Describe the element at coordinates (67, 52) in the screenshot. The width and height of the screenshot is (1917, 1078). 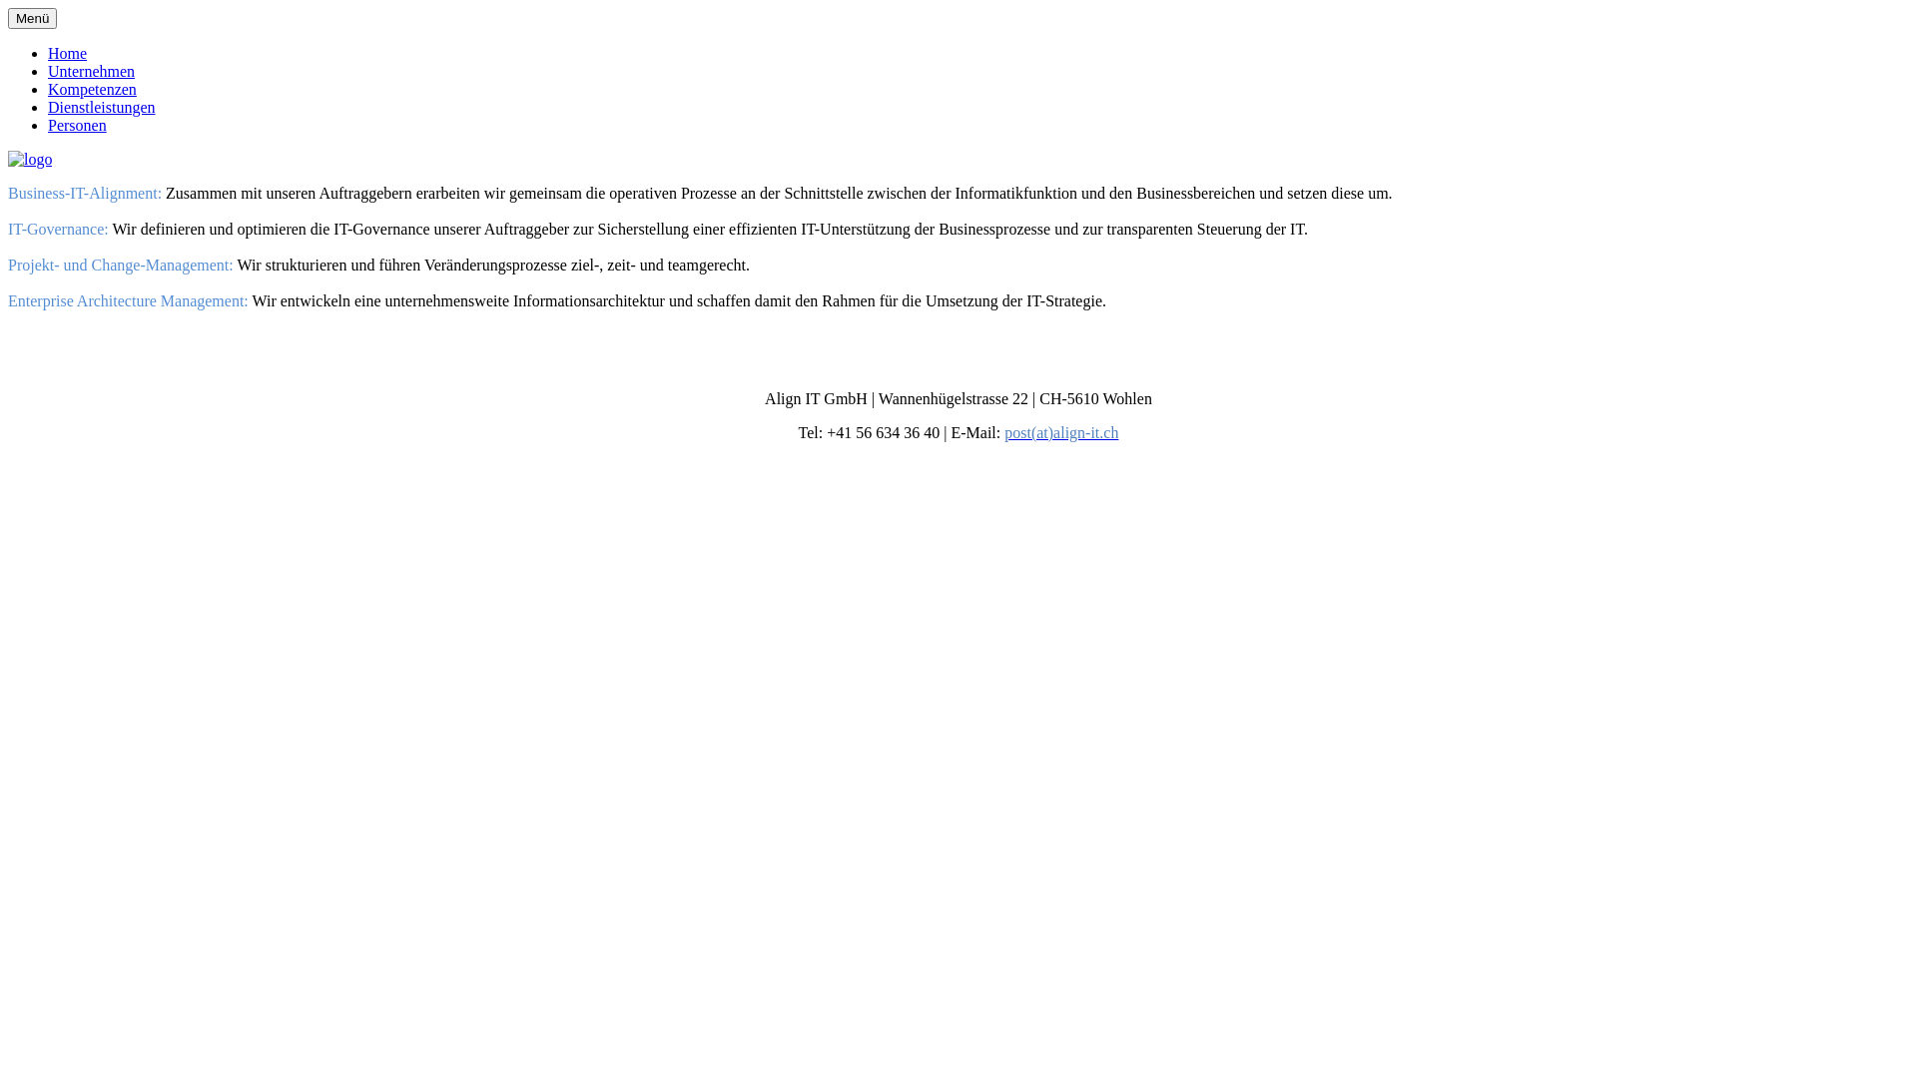
I see `'Home'` at that location.